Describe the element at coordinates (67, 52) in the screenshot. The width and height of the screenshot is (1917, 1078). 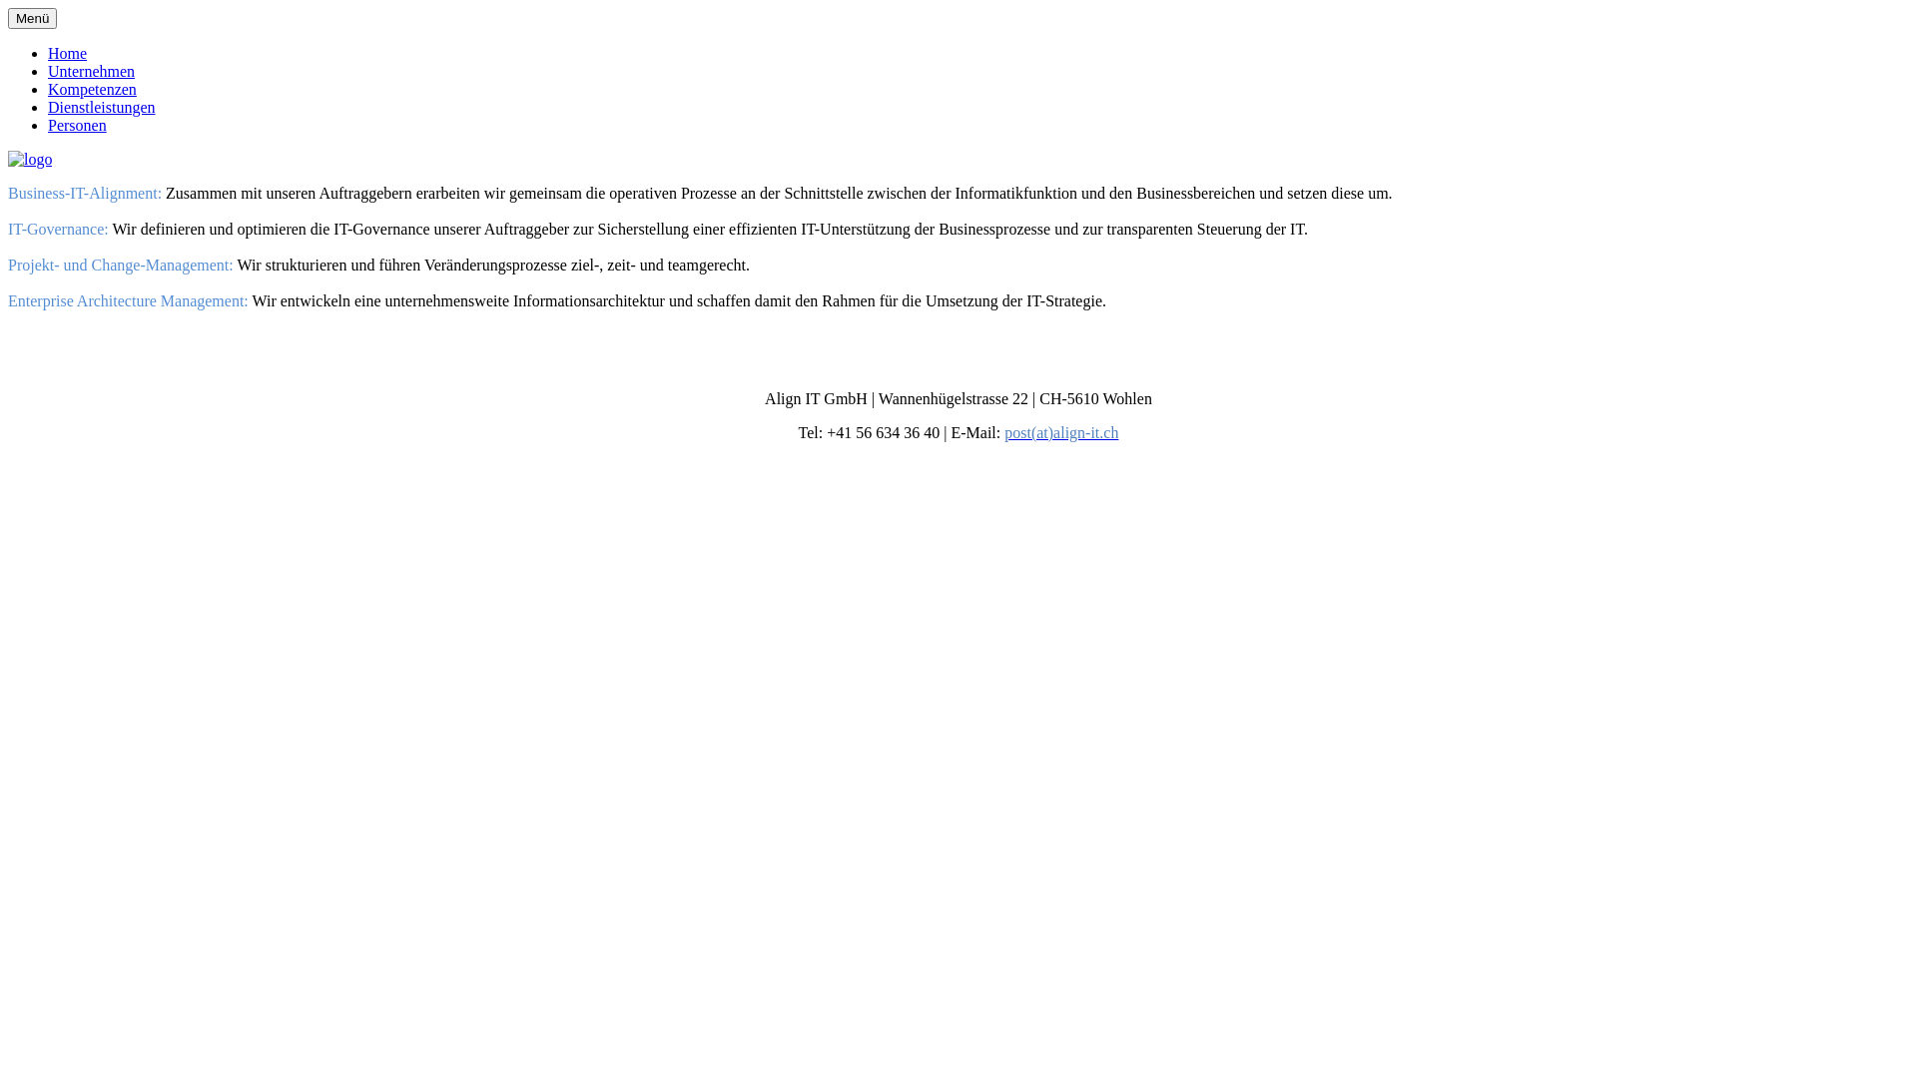
I see `'Home'` at that location.